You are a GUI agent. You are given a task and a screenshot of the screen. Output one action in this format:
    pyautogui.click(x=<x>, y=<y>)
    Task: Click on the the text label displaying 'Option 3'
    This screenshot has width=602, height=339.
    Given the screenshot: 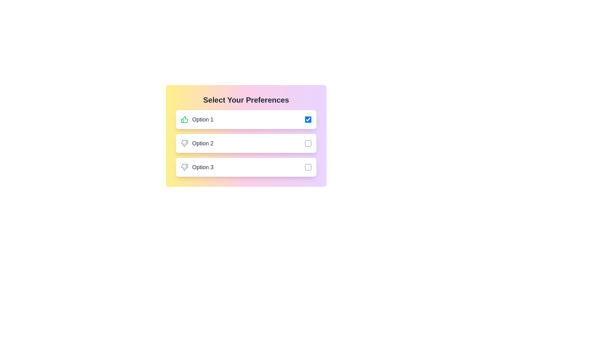 What is the action you would take?
    pyautogui.click(x=203, y=167)
    